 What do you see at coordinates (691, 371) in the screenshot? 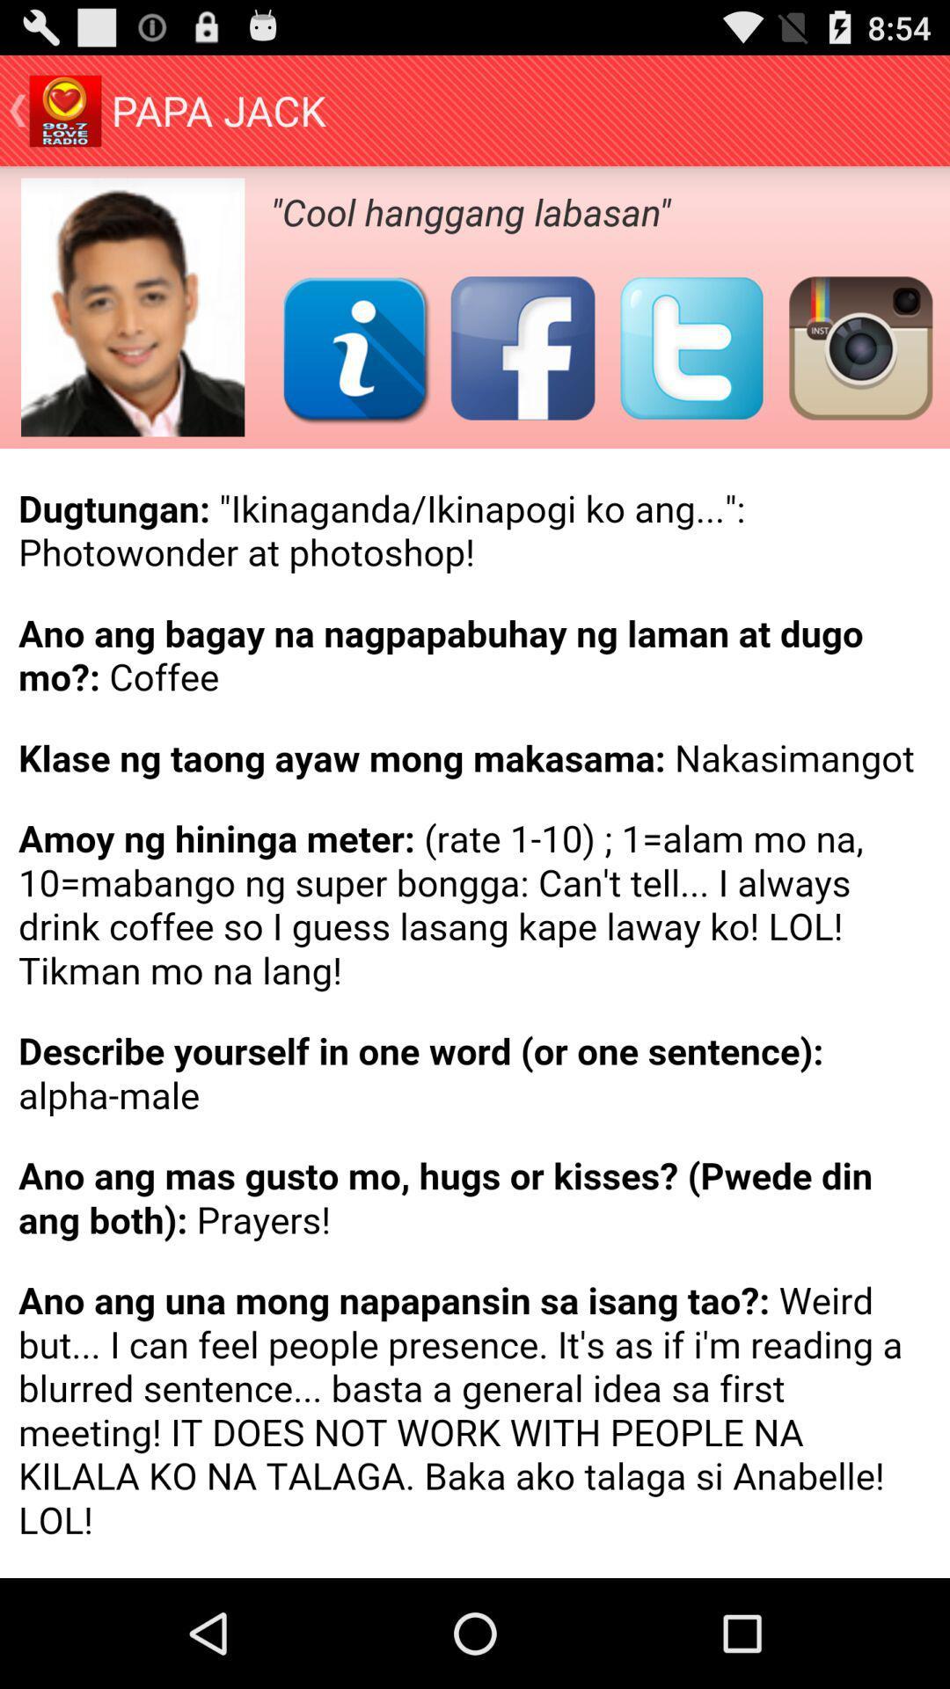
I see `the twitter icon` at bounding box center [691, 371].